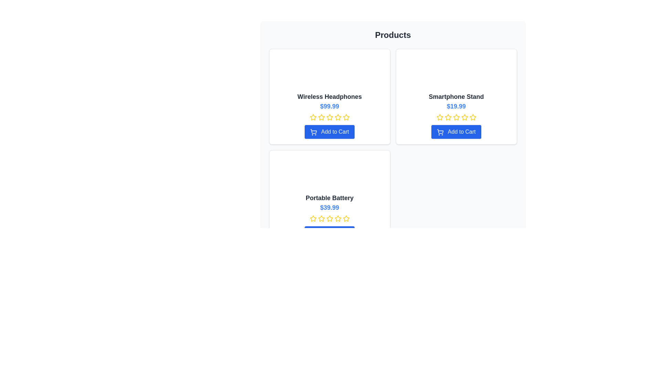  I want to click on the appearance of the first yellow star icon in the rating system below the 'Wireless Headphones' title and above the 'Add to Cart' button, so click(313, 117).